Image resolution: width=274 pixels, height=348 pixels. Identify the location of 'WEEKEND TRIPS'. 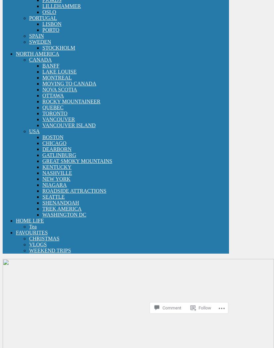
(29, 250).